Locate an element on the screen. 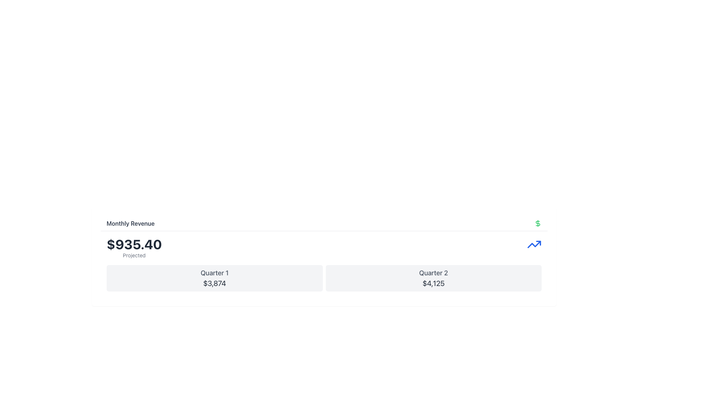 Image resolution: width=706 pixels, height=397 pixels. the text label displaying 'Quarter 2', which is centrally aligned above the numeric value '$4,125' in the lower-middle section of the interface is located at coordinates (434, 273).